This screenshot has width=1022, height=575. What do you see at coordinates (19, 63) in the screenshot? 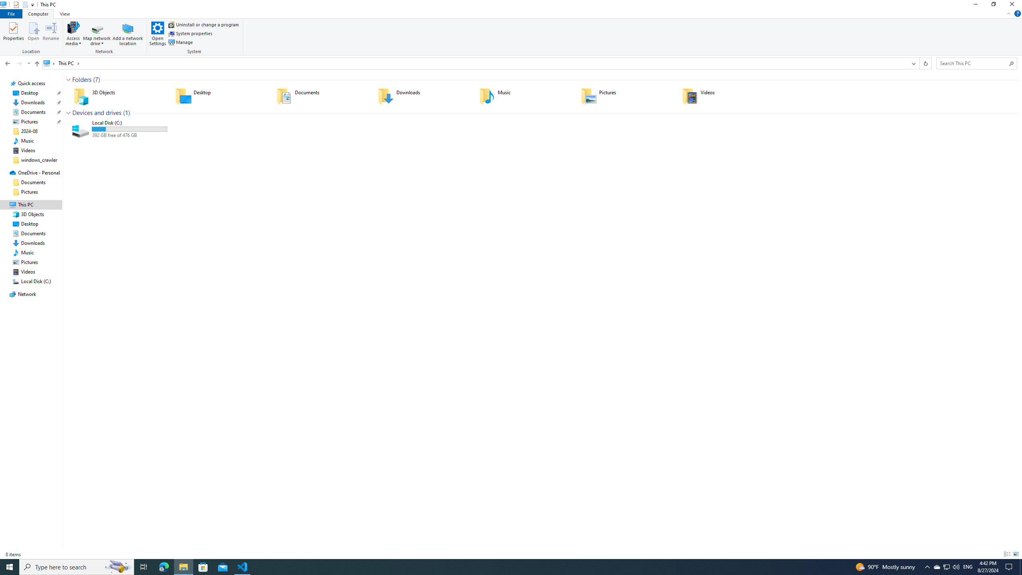
I see `'Forward (Alt + Right Arrow)'` at bounding box center [19, 63].